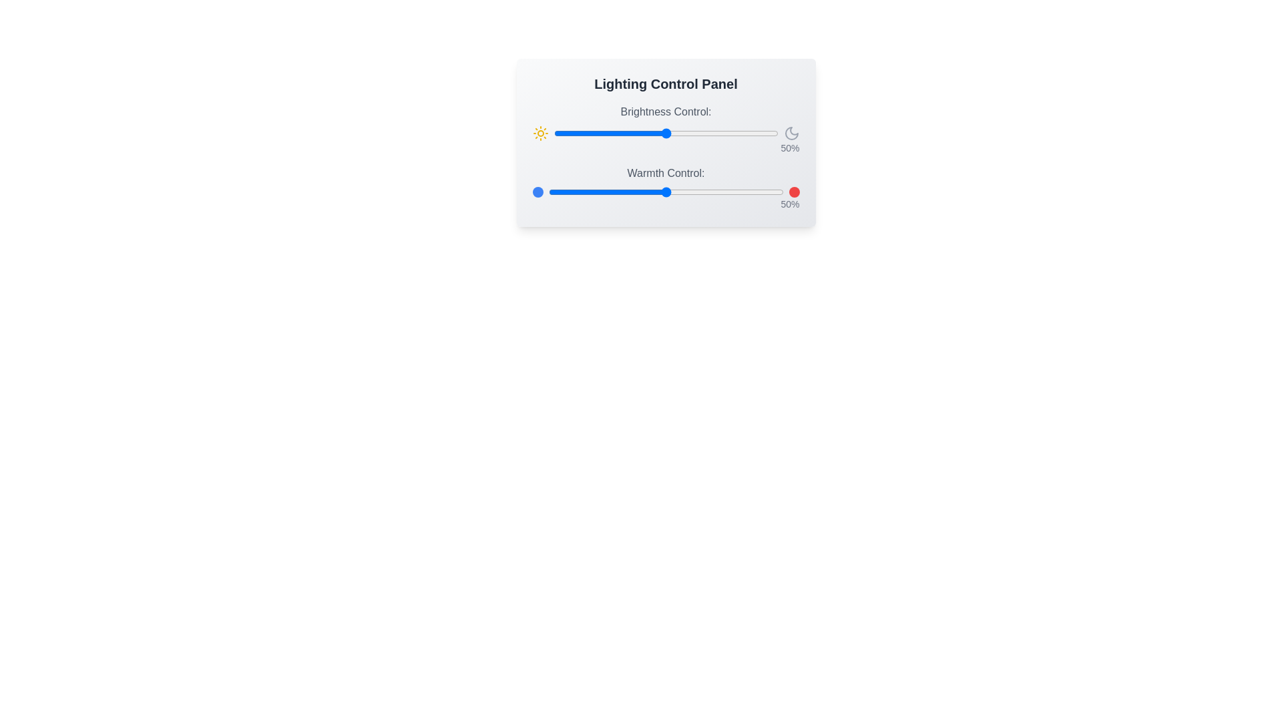  I want to click on brightness, so click(596, 134).